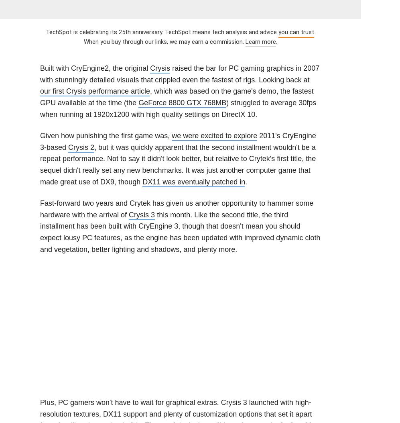 The height and width of the screenshot is (423, 400). Describe the element at coordinates (194, 182) in the screenshot. I see `'DX11 was eventually patched in'` at that location.